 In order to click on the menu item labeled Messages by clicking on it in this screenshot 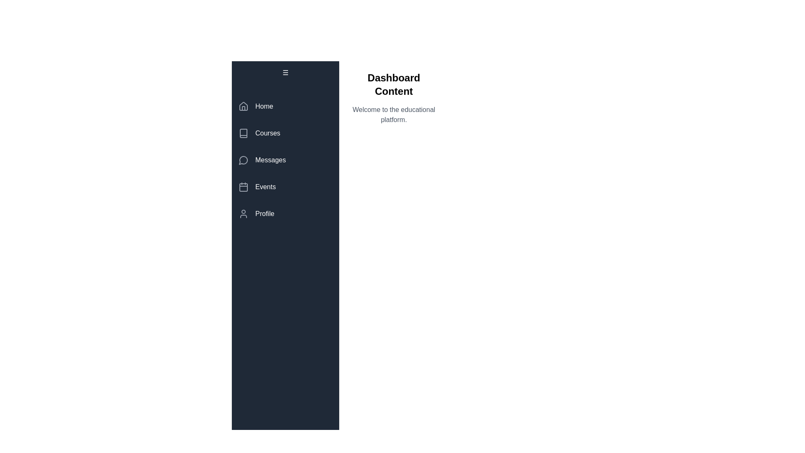, I will do `click(286, 160)`.